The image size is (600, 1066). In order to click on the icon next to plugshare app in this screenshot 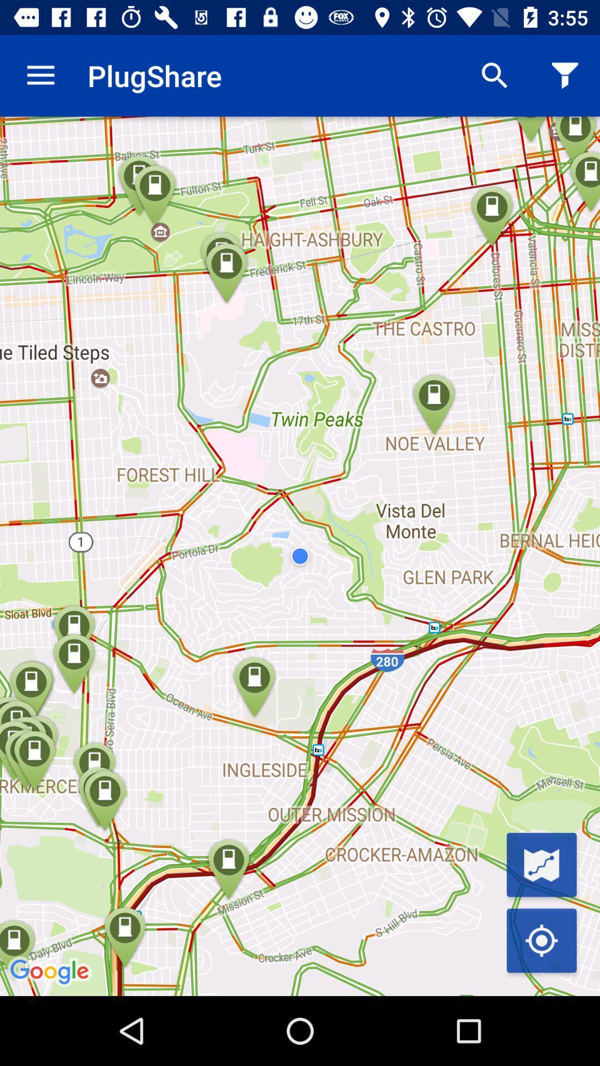, I will do `click(40, 75)`.